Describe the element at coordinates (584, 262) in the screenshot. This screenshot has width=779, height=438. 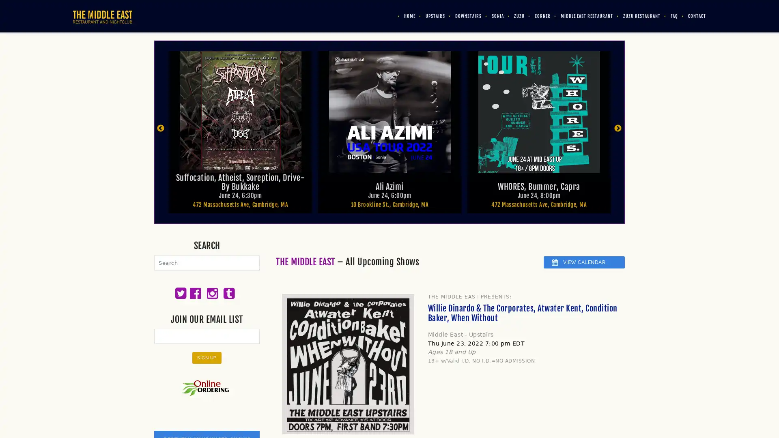
I see `VIEW CALENDAR` at that location.